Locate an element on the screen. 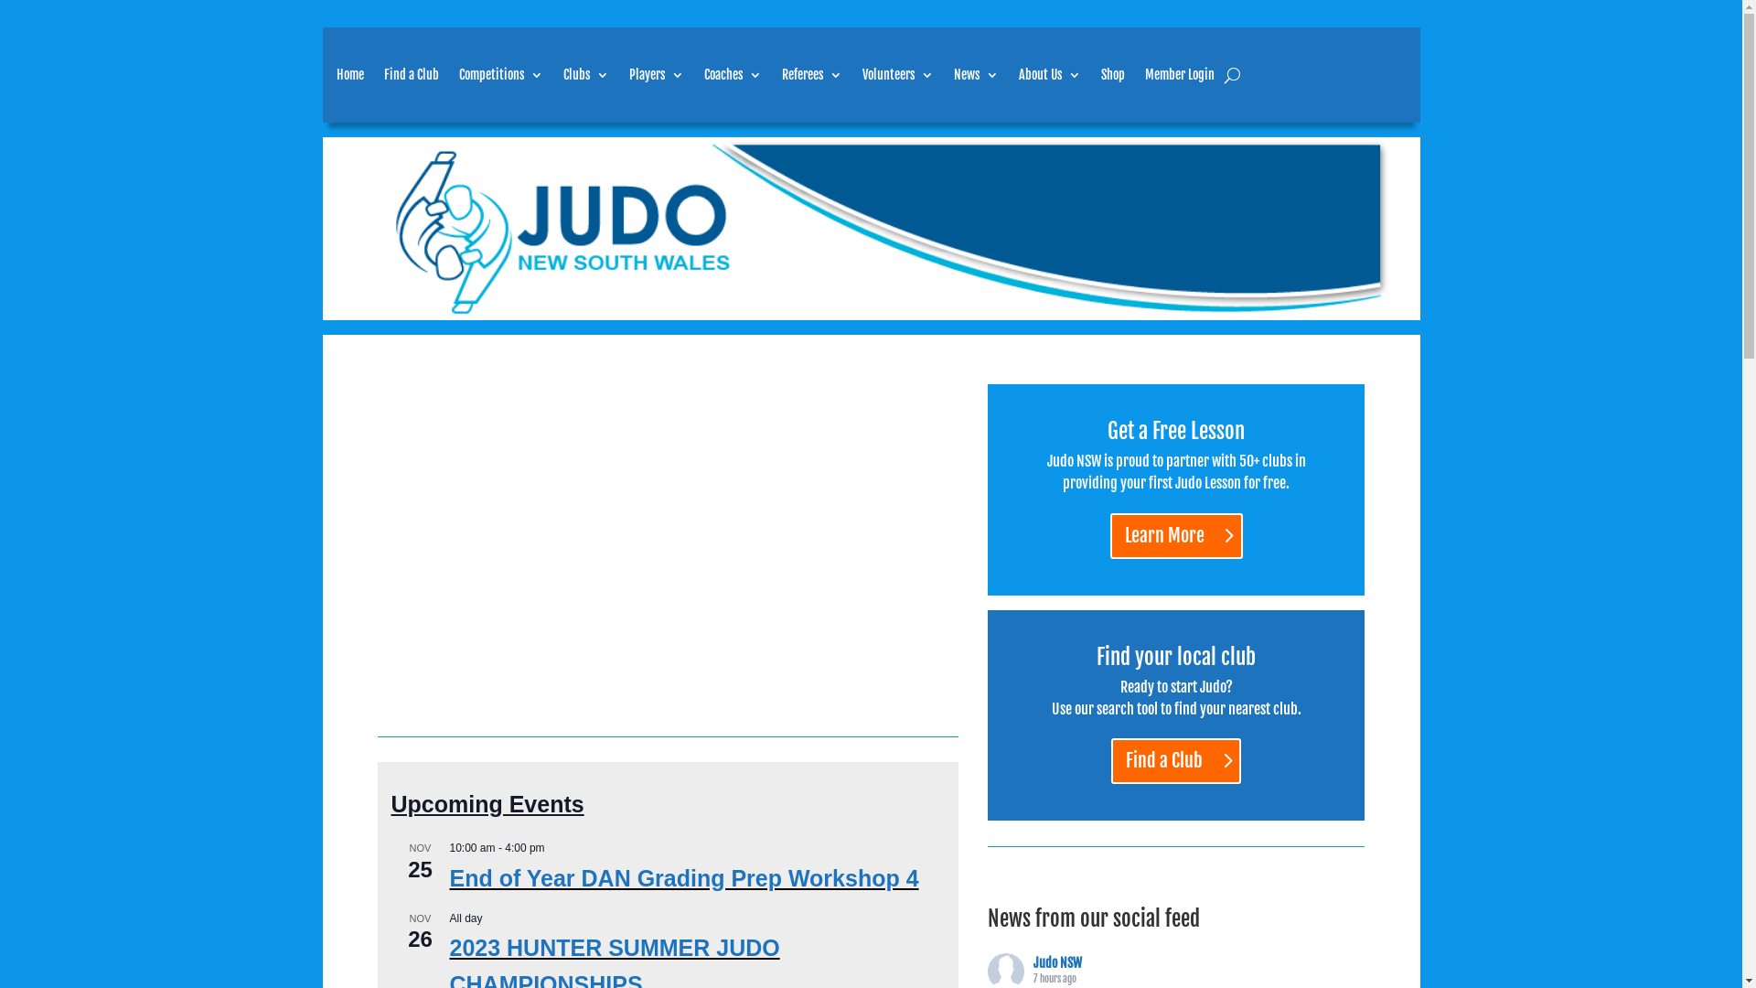 This screenshot has height=988, width=1756. 'Referees' is located at coordinates (810, 73).